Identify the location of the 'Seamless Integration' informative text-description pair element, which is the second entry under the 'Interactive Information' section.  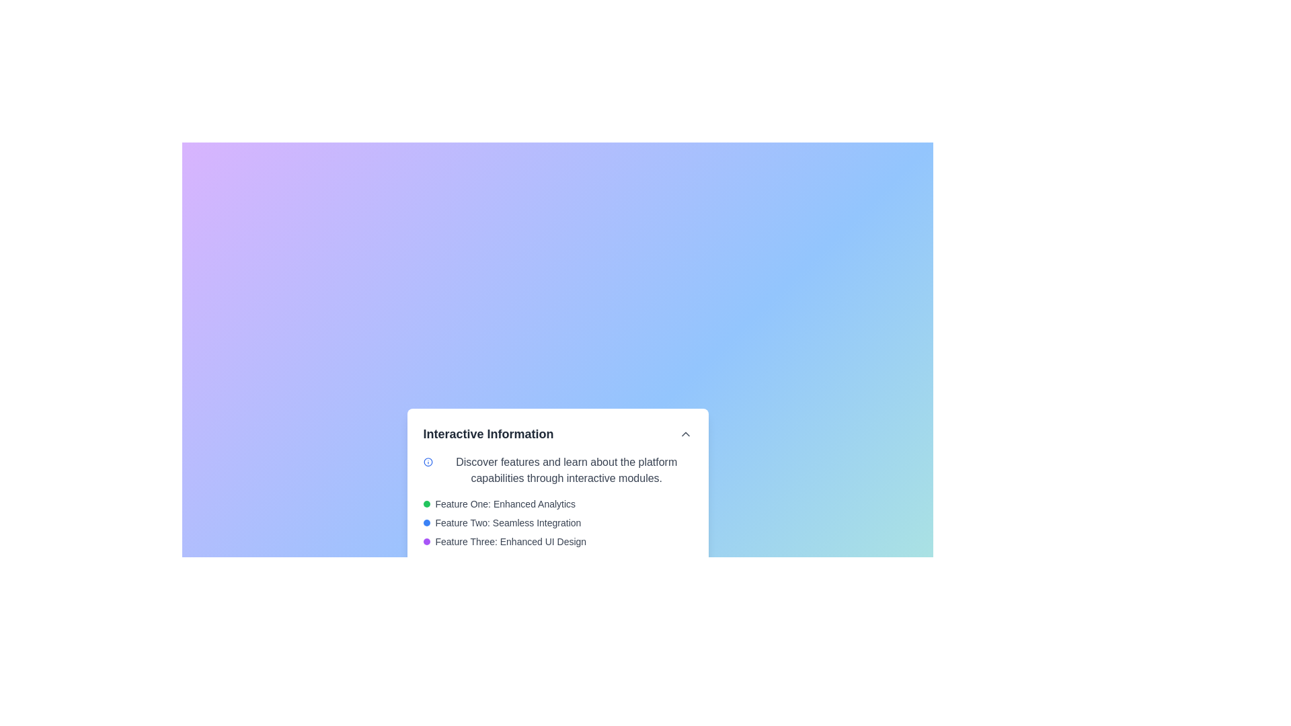
(557, 522).